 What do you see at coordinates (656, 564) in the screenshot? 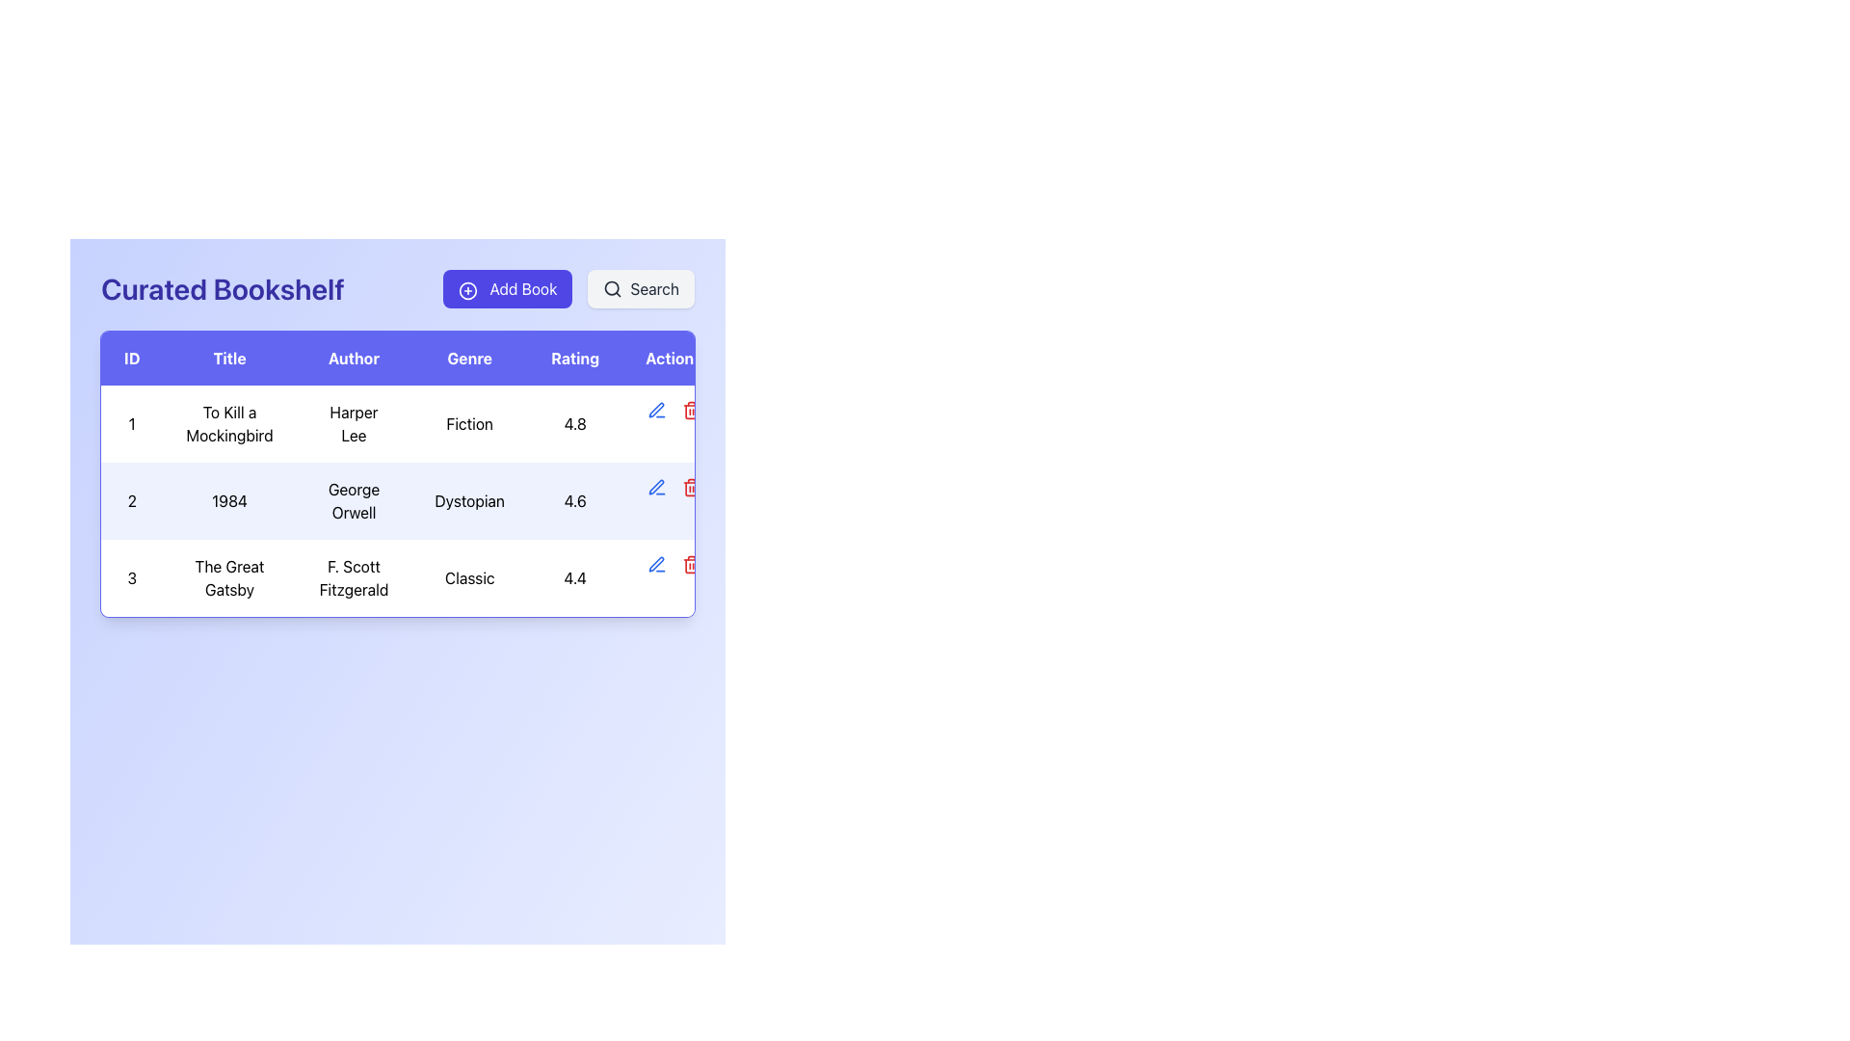
I see `the blue pen icon in the 'Action' column of the second row ('1984')` at bounding box center [656, 564].